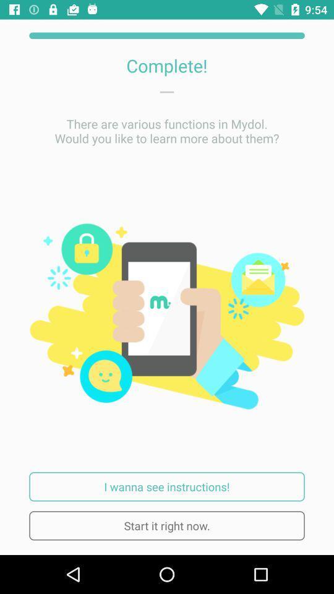 The image size is (334, 594). I want to click on item below i wanna see item, so click(167, 525).